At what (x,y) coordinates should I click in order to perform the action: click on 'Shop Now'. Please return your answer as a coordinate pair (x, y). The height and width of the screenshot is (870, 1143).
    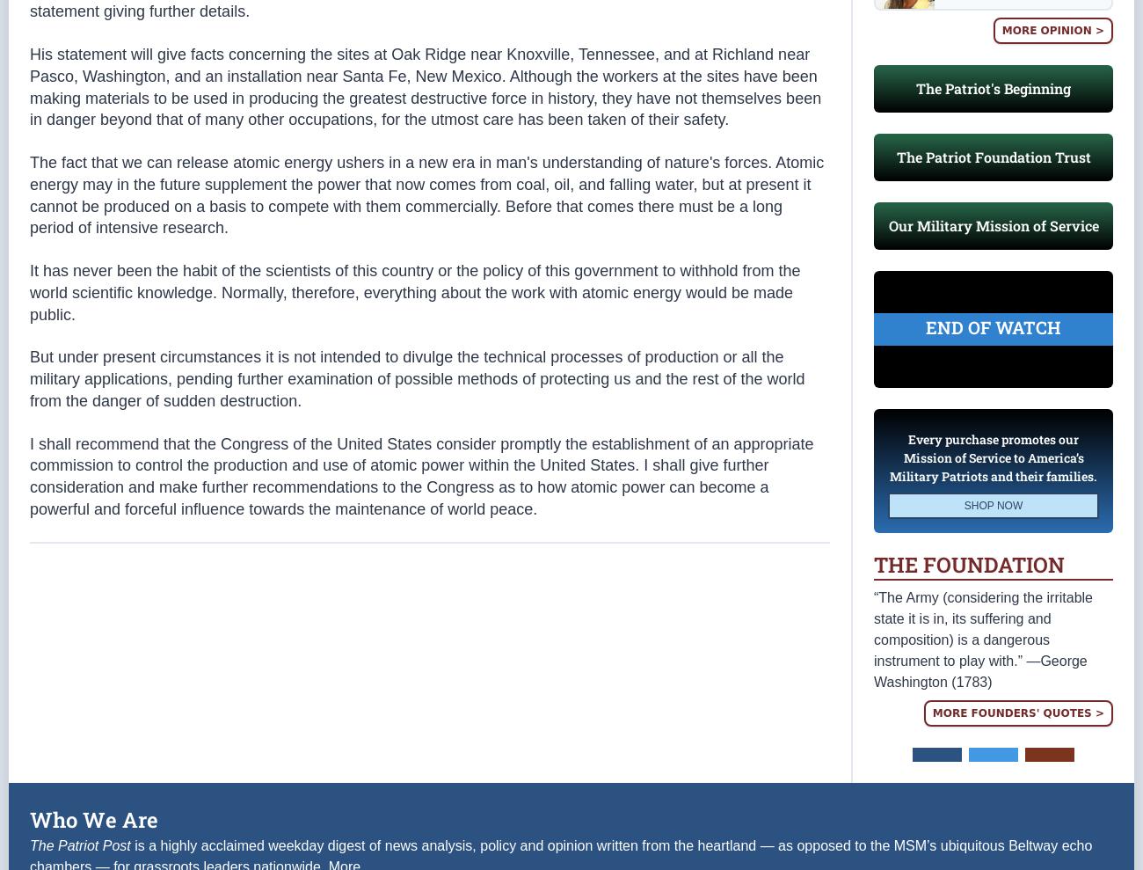
    Looking at the image, I should click on (992, 540).